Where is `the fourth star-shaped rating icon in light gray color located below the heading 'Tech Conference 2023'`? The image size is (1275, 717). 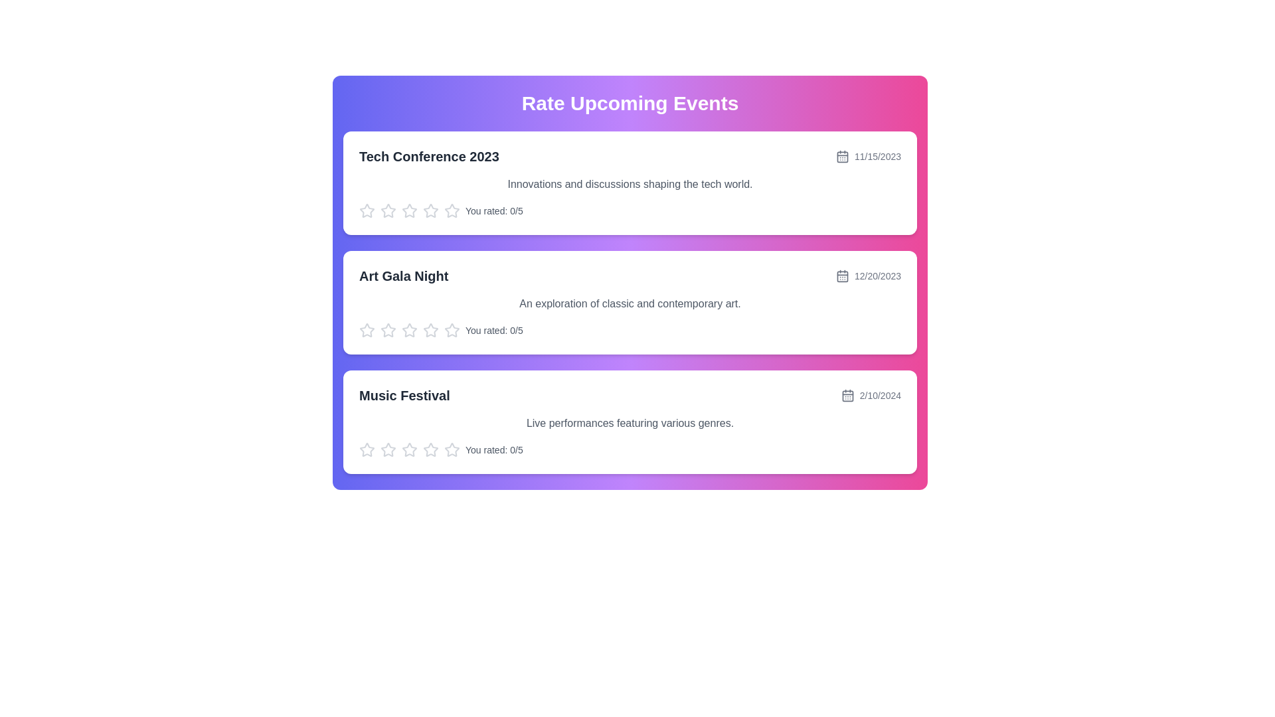
the fourth star-shaped rating icon in light gray color located below the heading 'Tech Conference 2023' is located at coordinates (409, 210).